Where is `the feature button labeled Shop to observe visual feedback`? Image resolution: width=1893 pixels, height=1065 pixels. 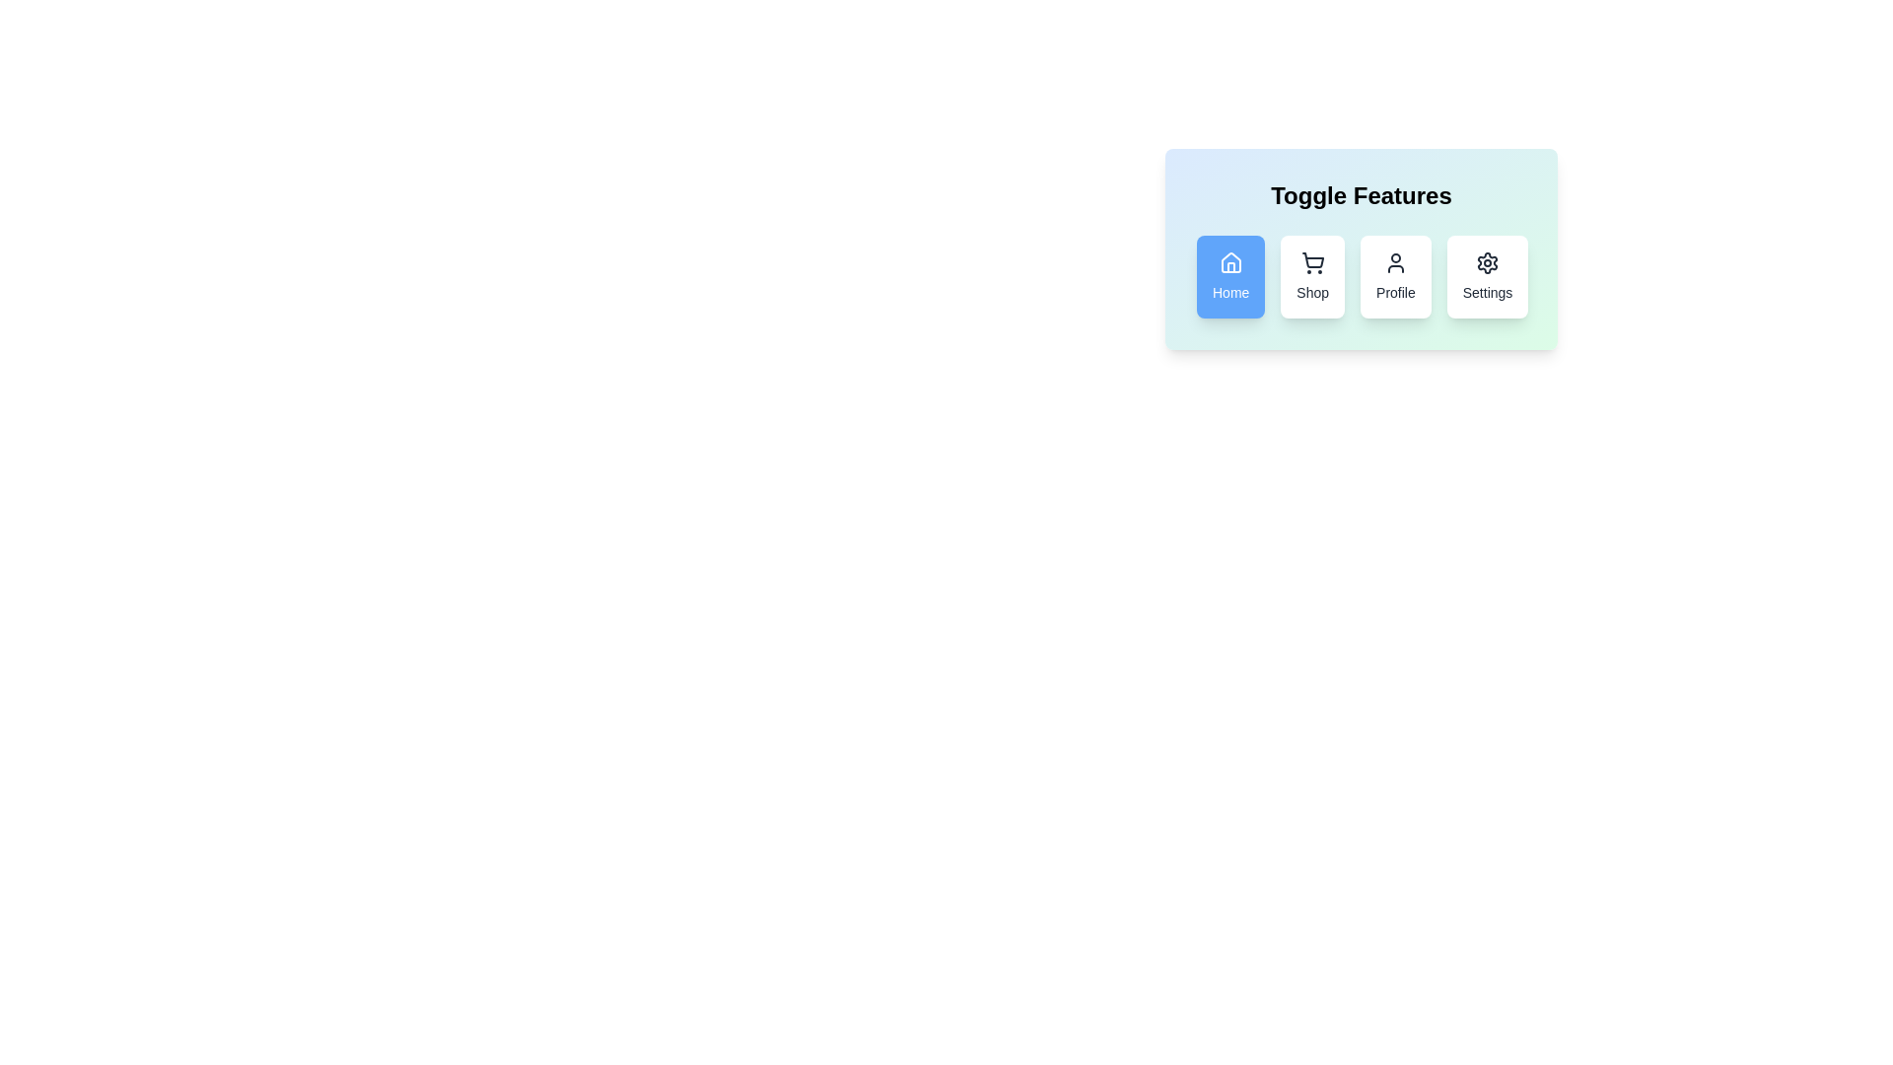
the feature button labeled Shop to observe visual feedback is located at coordinates (1312, 277).